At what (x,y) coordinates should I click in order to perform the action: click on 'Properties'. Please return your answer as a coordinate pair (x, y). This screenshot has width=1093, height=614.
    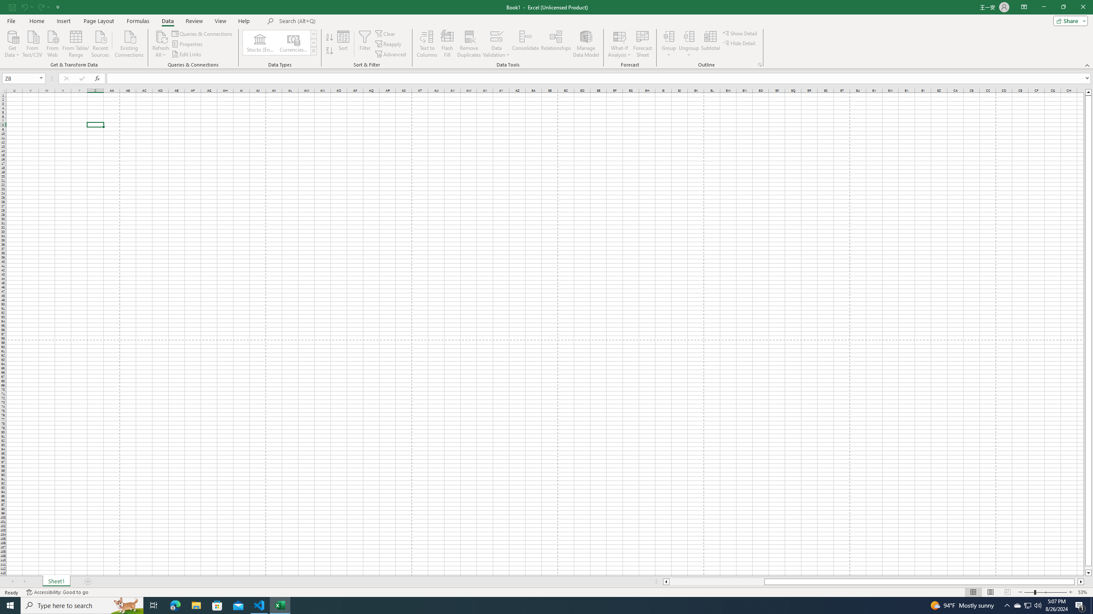
    Looking at the image, I should click on (188, 44).